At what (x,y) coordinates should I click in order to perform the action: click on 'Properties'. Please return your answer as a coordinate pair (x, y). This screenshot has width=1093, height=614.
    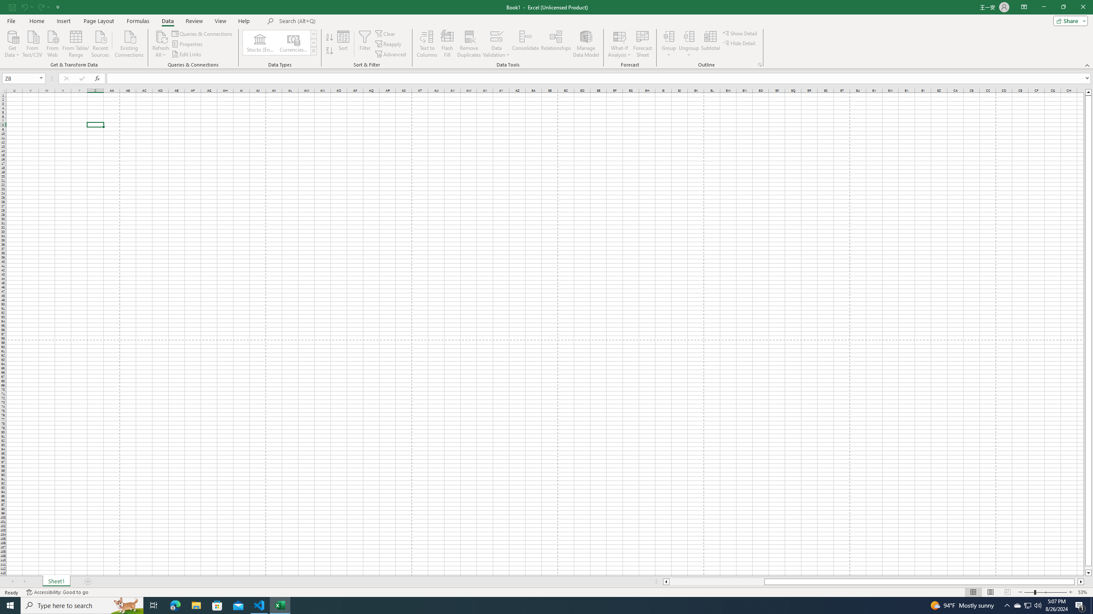
    Looking at the image, I should click on (188, 44).